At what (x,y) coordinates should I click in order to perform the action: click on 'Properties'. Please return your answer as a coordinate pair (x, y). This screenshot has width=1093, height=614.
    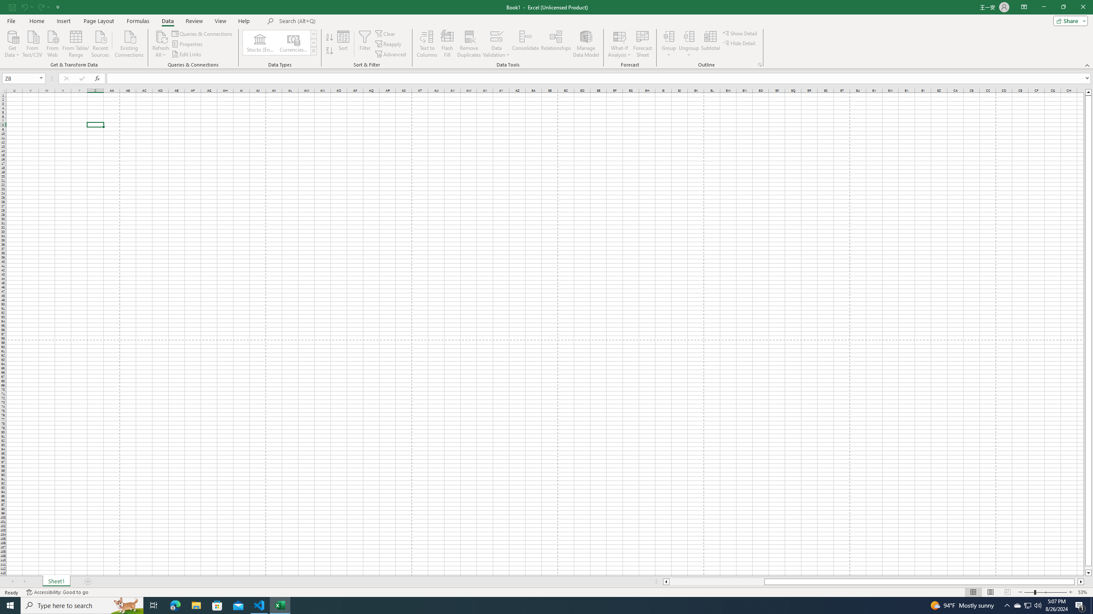
    Looking at the image, I should click on (188, 44).